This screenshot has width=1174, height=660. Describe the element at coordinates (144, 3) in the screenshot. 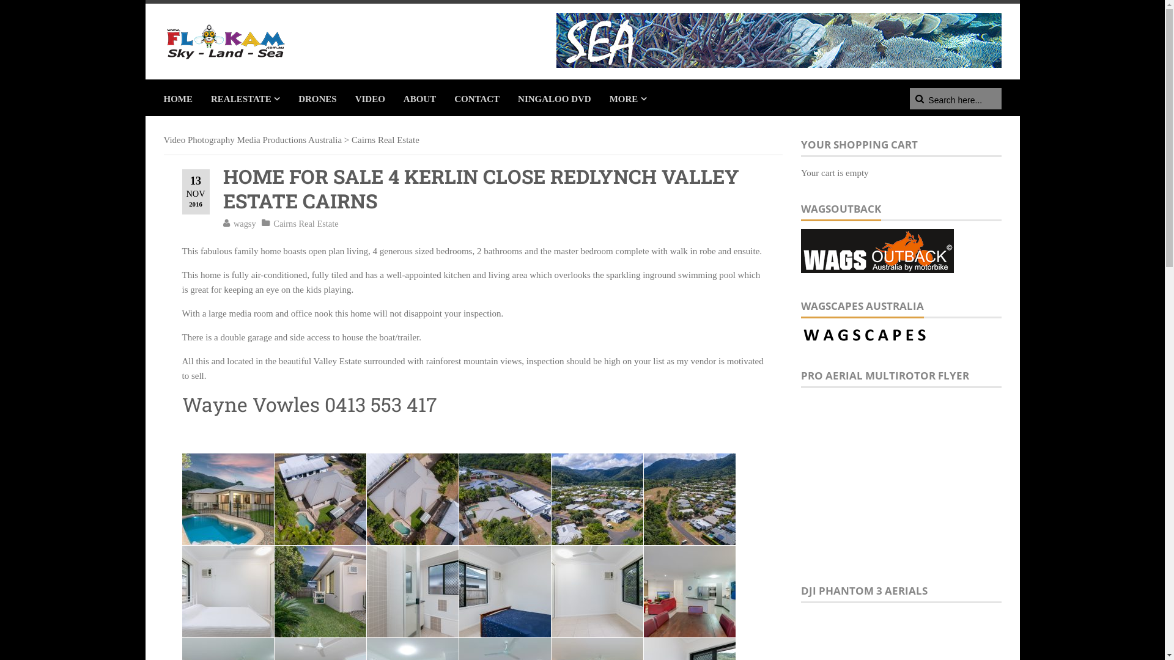

I see `'Skip to content'` at that location.